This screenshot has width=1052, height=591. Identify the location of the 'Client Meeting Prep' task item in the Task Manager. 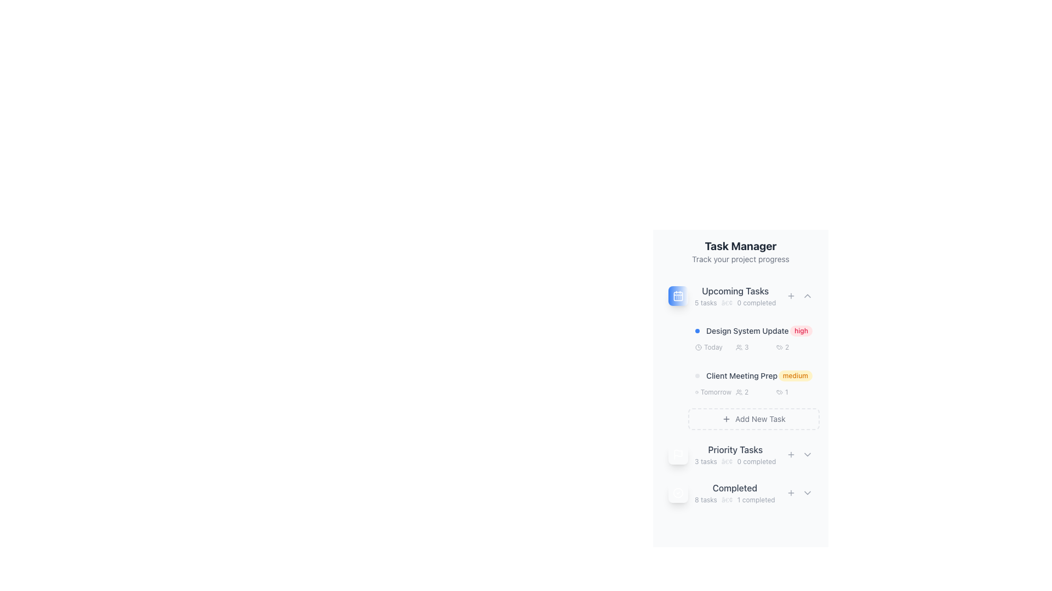
(753, 375).